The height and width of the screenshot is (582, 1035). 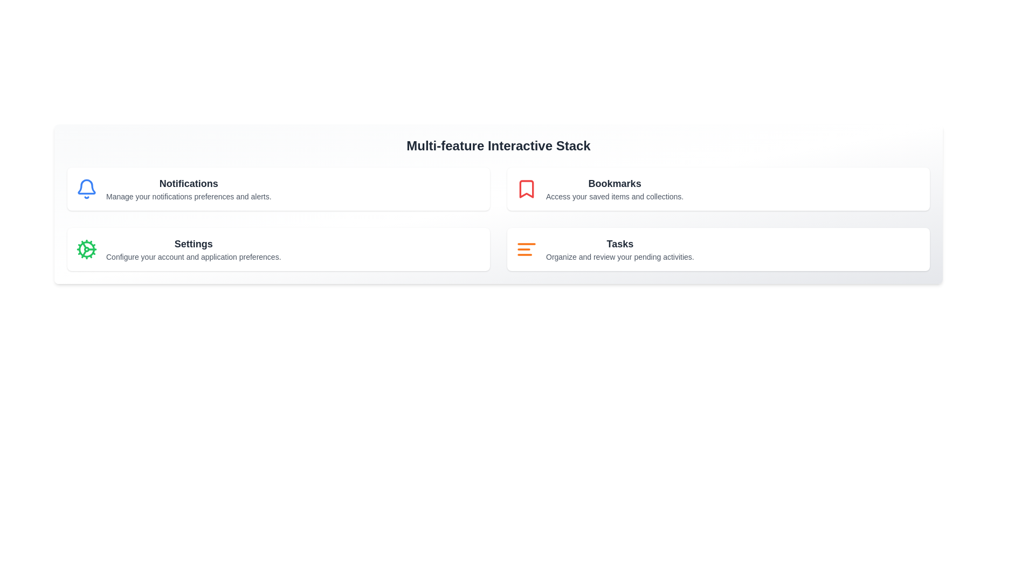 What do you see at coordinates (615, 197) in the screenshot?
I see `descriptive text element located directly below the 'Bookmarks' header in the 'Bookmarks' section of the interface, which contains information about the functionality of the 'Bookmarks' feature` at bounding box center [615, 197].